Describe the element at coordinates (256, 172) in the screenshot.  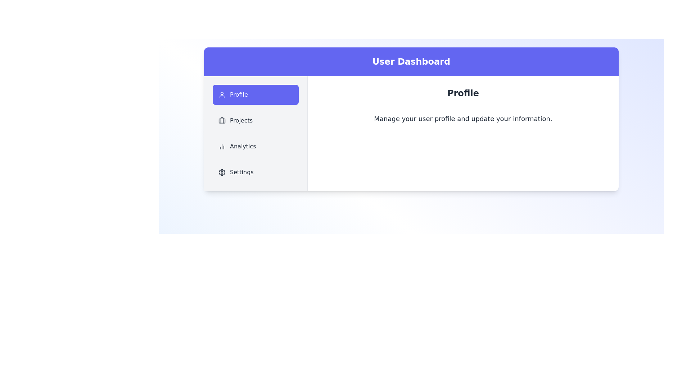
I see `the Settings tab in the sidebar` at that location.